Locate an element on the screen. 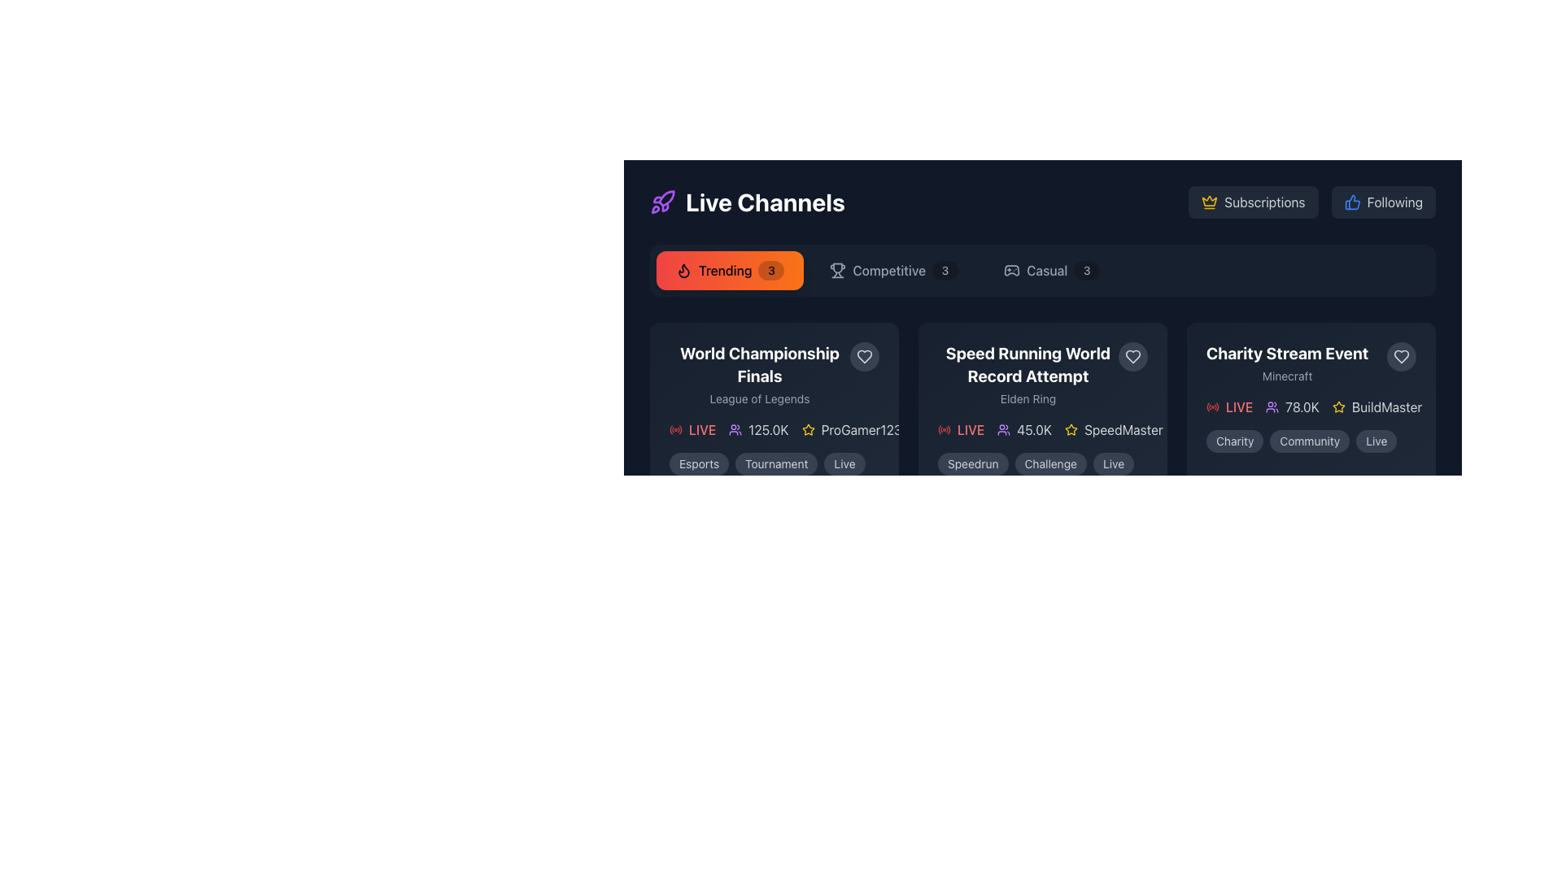  on the text display component that shows 'World Championship Finals' and 'League of Legends' is located at coordinates (773, 375).